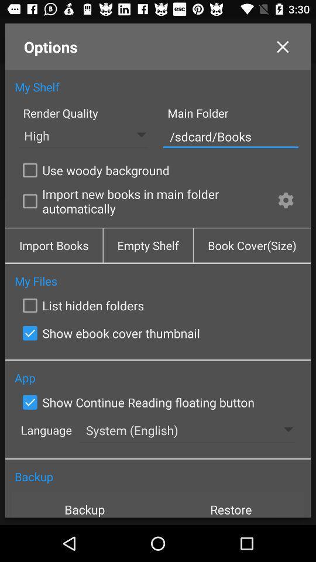  Describe the element at coordinates (109, 333) in the screenshot. I see `the show ebook cover icon` at that location.